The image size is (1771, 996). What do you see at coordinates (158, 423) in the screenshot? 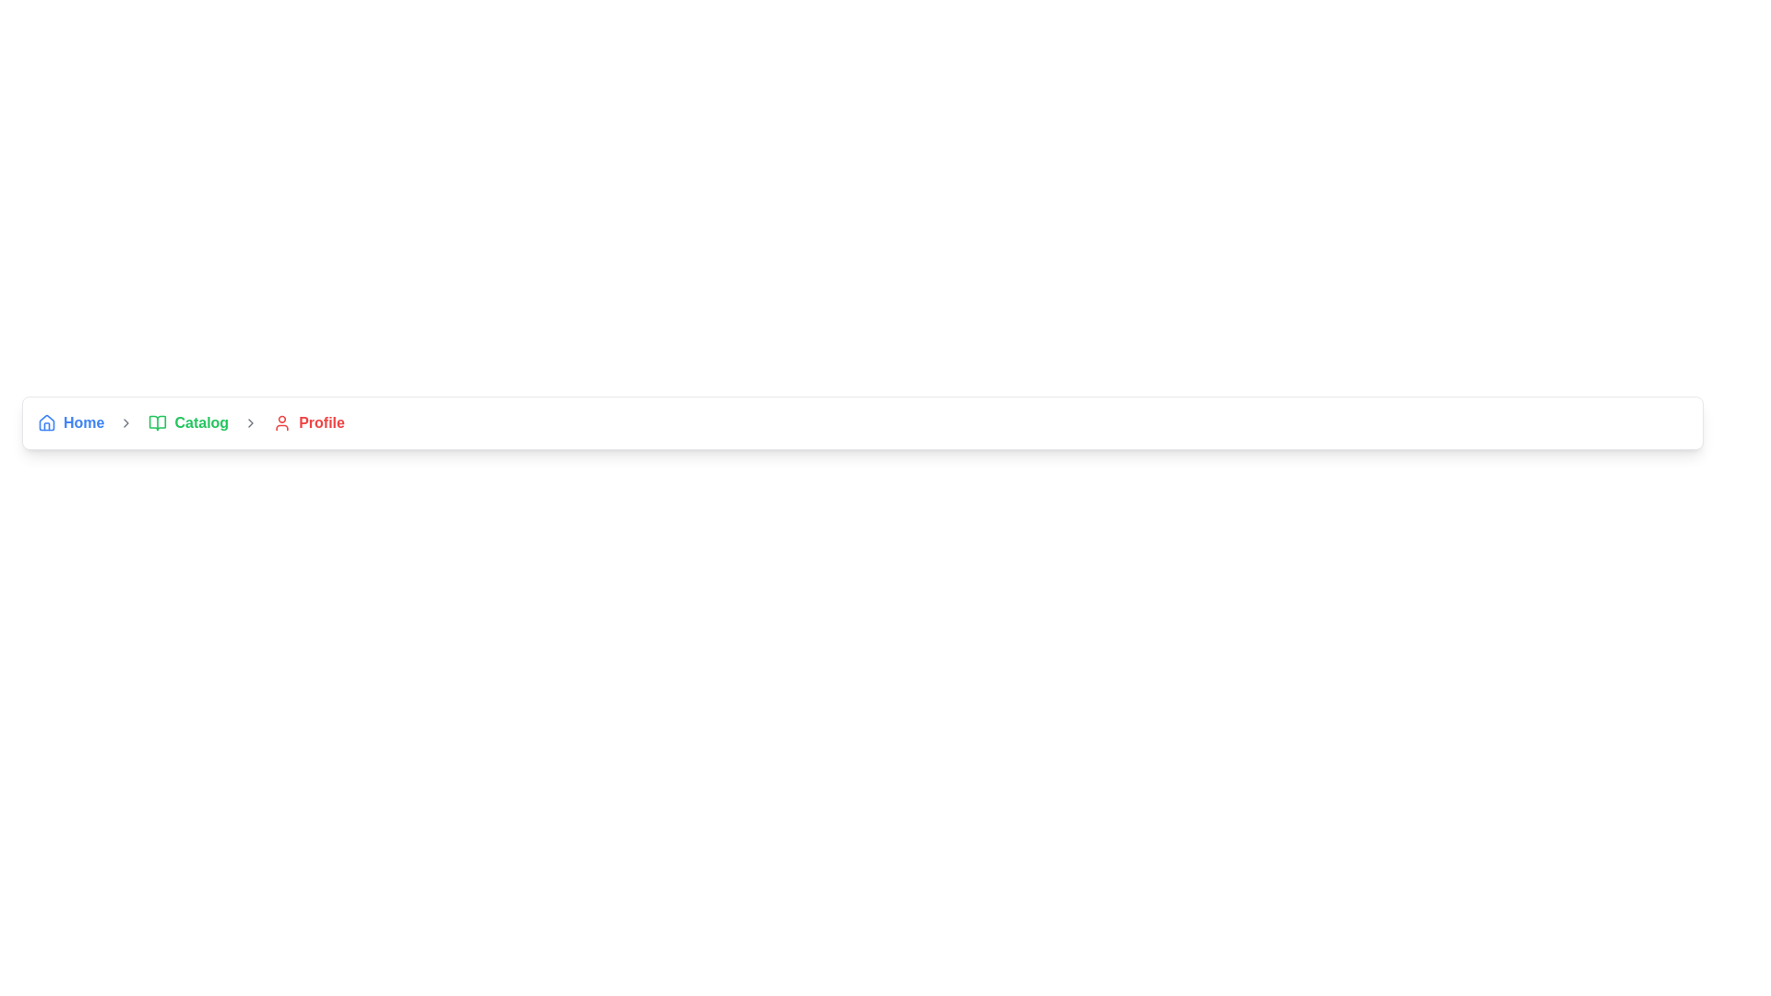
I see `the visual design of the green open book icon located in the breadcrumb navigation bar next to the 'Catalog' text` at bounding box center [158, 423].